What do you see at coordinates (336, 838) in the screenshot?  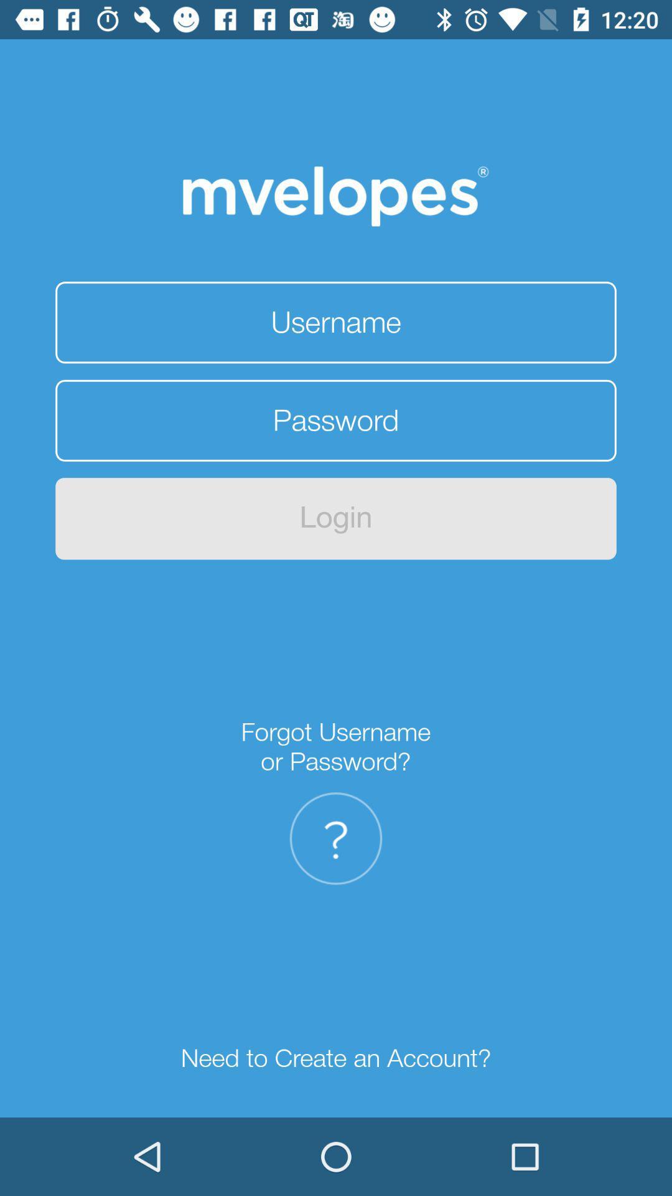 I see `item below forgot username or item` at bounding box center [336, 838].